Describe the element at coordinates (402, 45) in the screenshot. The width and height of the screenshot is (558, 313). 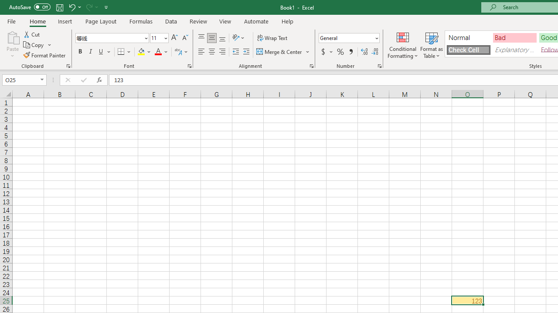
I see `'Conditional Formatting'` at that location.